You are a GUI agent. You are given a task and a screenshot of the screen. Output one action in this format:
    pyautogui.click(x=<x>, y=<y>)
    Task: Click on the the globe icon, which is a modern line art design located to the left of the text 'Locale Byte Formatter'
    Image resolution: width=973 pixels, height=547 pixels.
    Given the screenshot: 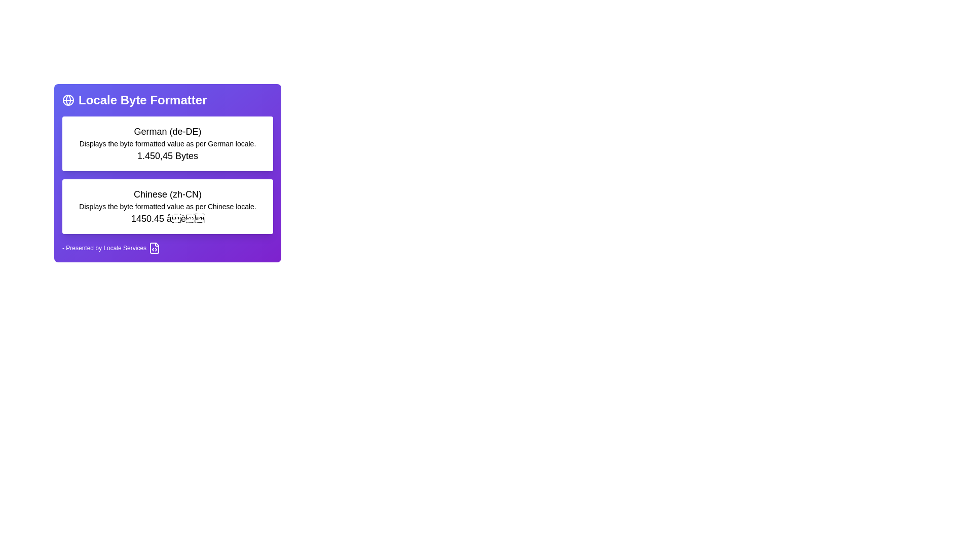 What is the action you would take?
    pyautogui.click(x=67, y=100)
    